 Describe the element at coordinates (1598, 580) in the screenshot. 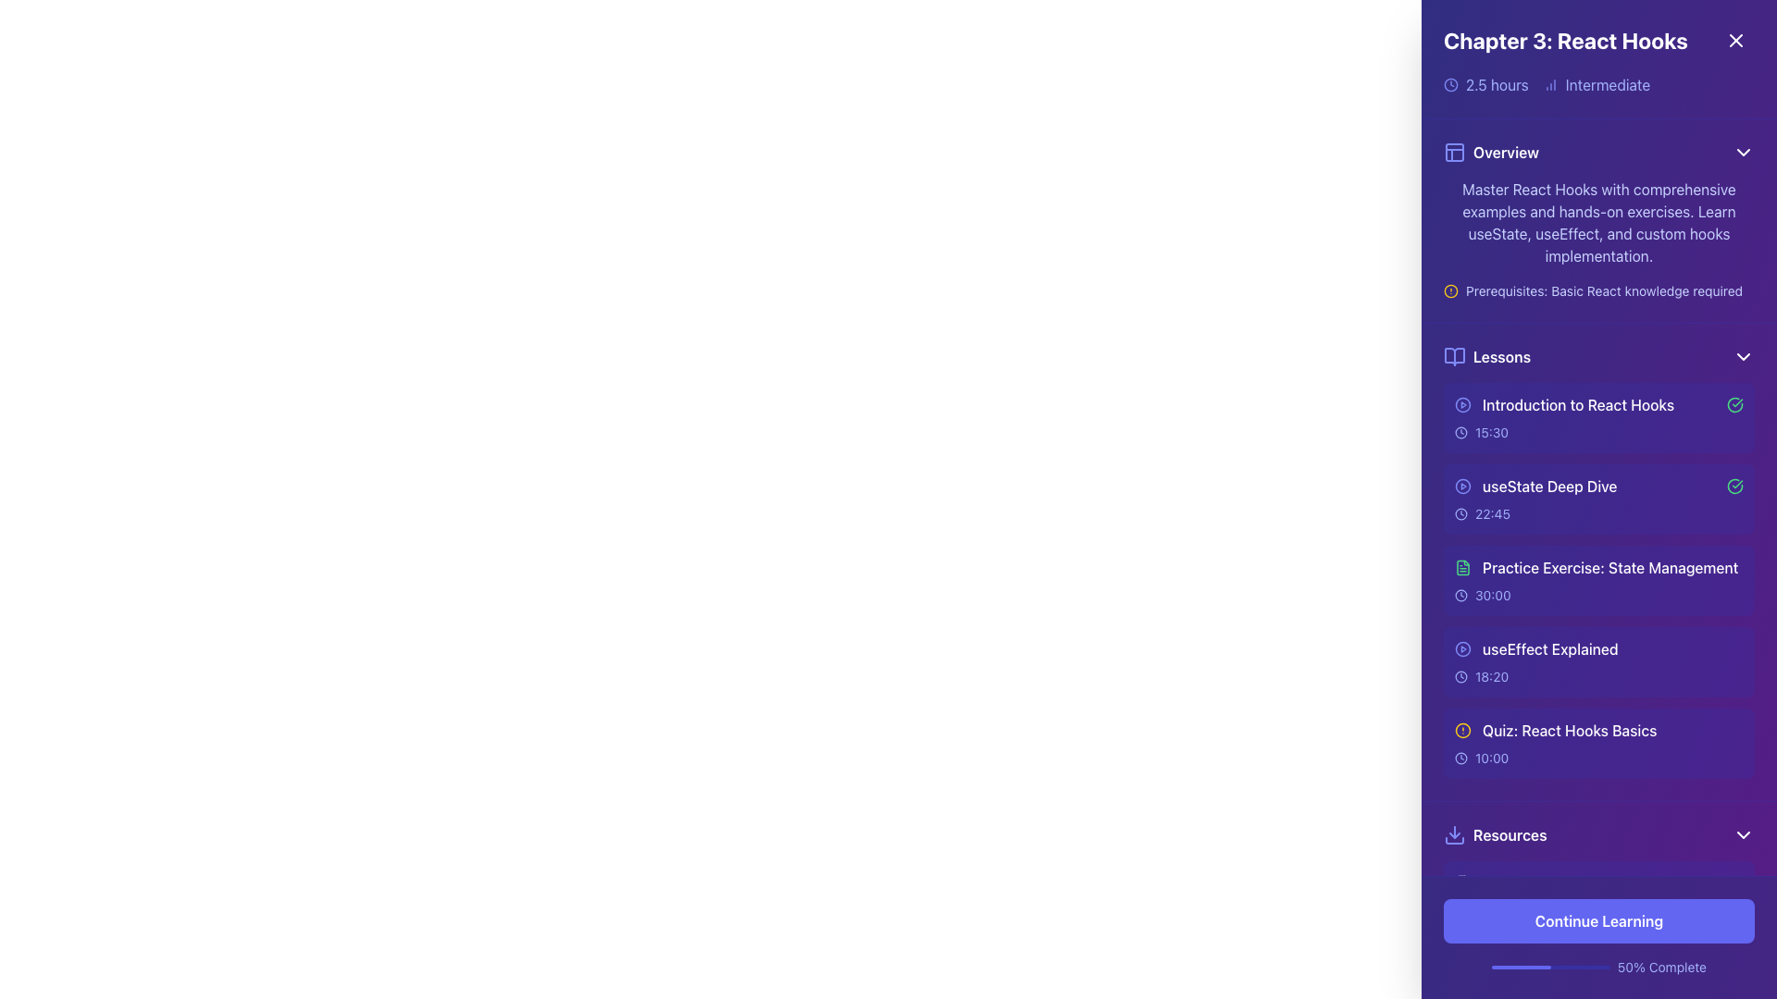

I see `the list item displaying the lesson titled 'Practice Exercise: State Management'` at that location.